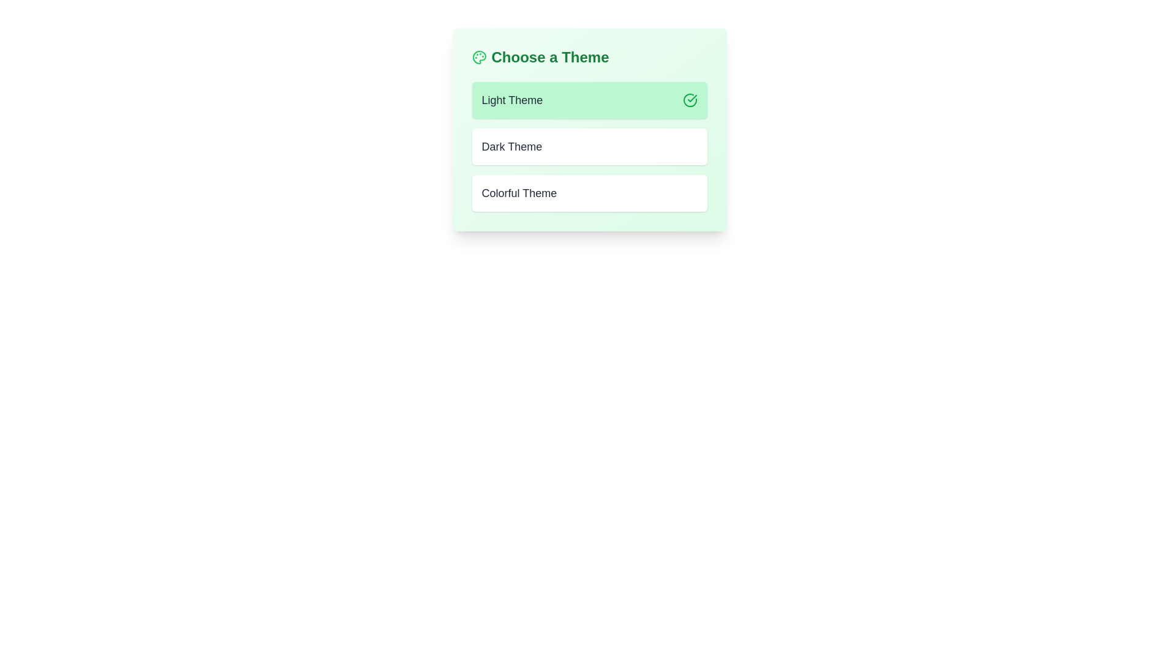 The height and width of the screenshot is (661, 1176). Describe the element at coordinates (589, 100) in the screenshot. I see `the first tile representing the 'Light Theme'` at that location.